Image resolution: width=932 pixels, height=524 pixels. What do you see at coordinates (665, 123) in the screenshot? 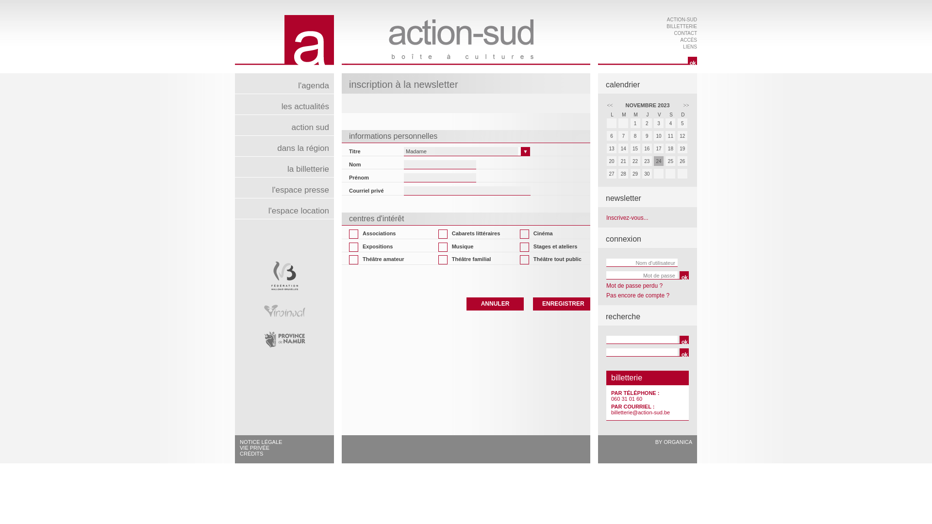
I see `'4'` at bounding box center [665, 123].